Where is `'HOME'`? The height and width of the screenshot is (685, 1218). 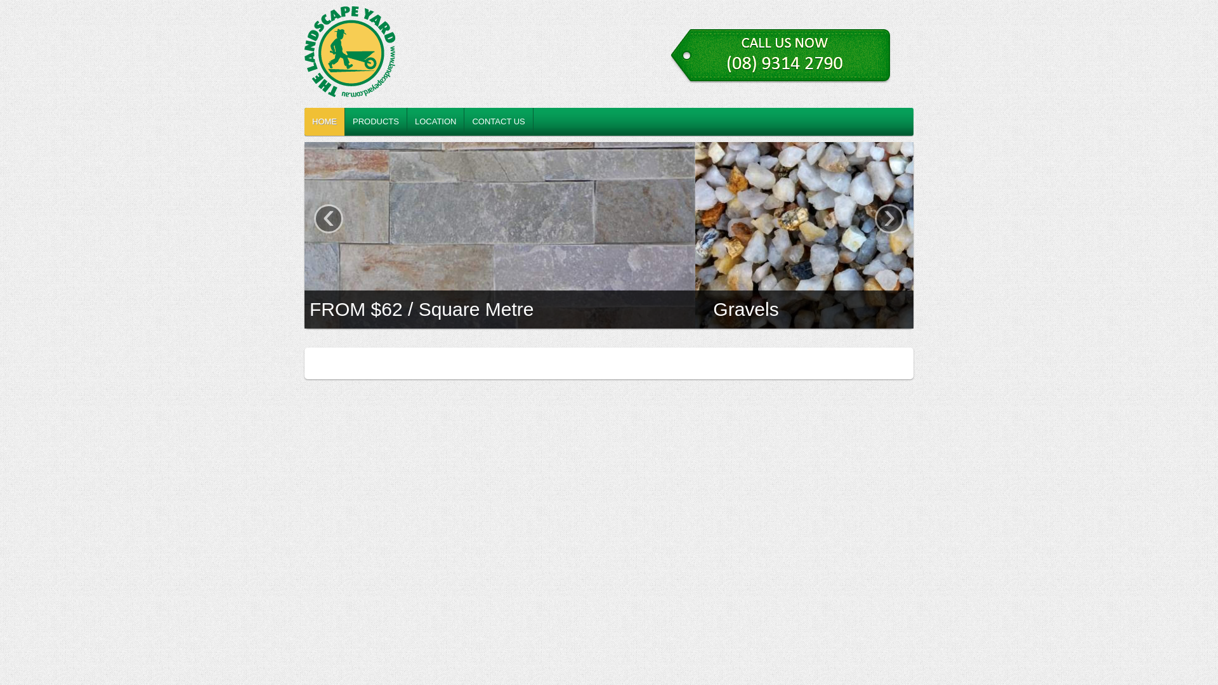 'HOME' is located at coordinates (325, 122).